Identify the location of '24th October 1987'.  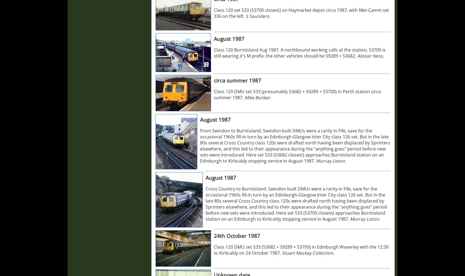
(214, 235).